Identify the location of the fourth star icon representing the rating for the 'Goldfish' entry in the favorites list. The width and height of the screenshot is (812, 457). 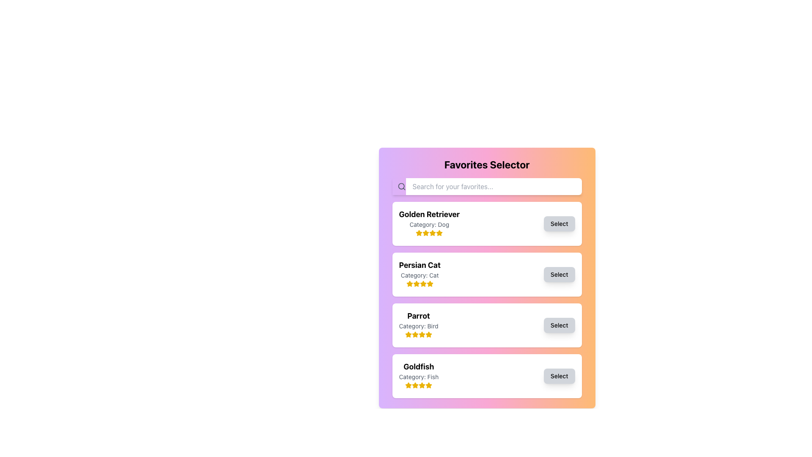
(429, 385).